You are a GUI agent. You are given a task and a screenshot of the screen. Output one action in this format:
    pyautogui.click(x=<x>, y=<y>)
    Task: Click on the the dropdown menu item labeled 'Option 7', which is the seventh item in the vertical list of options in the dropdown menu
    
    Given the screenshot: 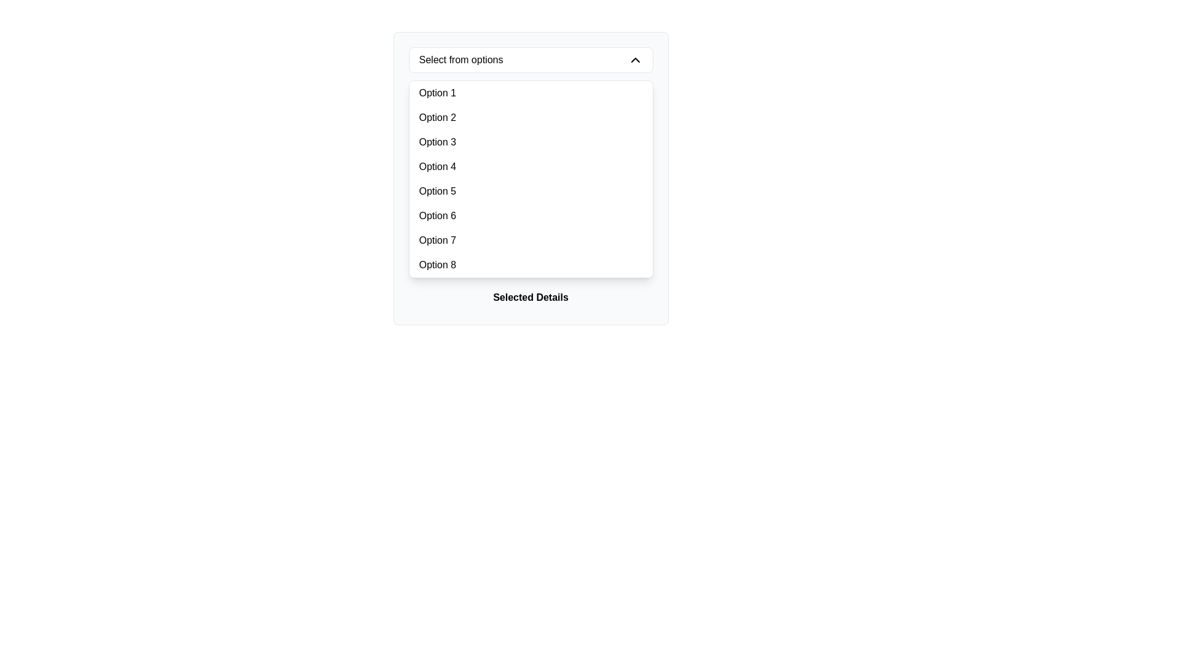 What is the action you would take?
    pyautogui.click(x=531, y=241)
    